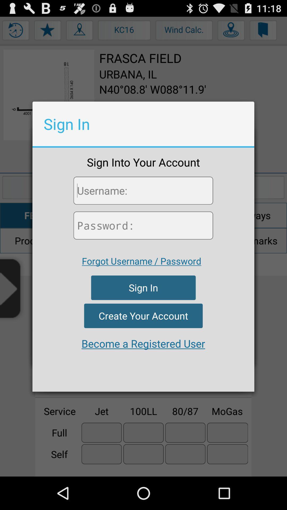 This screenshot has height=510, width=287. I want to click on forgot username / password icon, so click(141, 261).